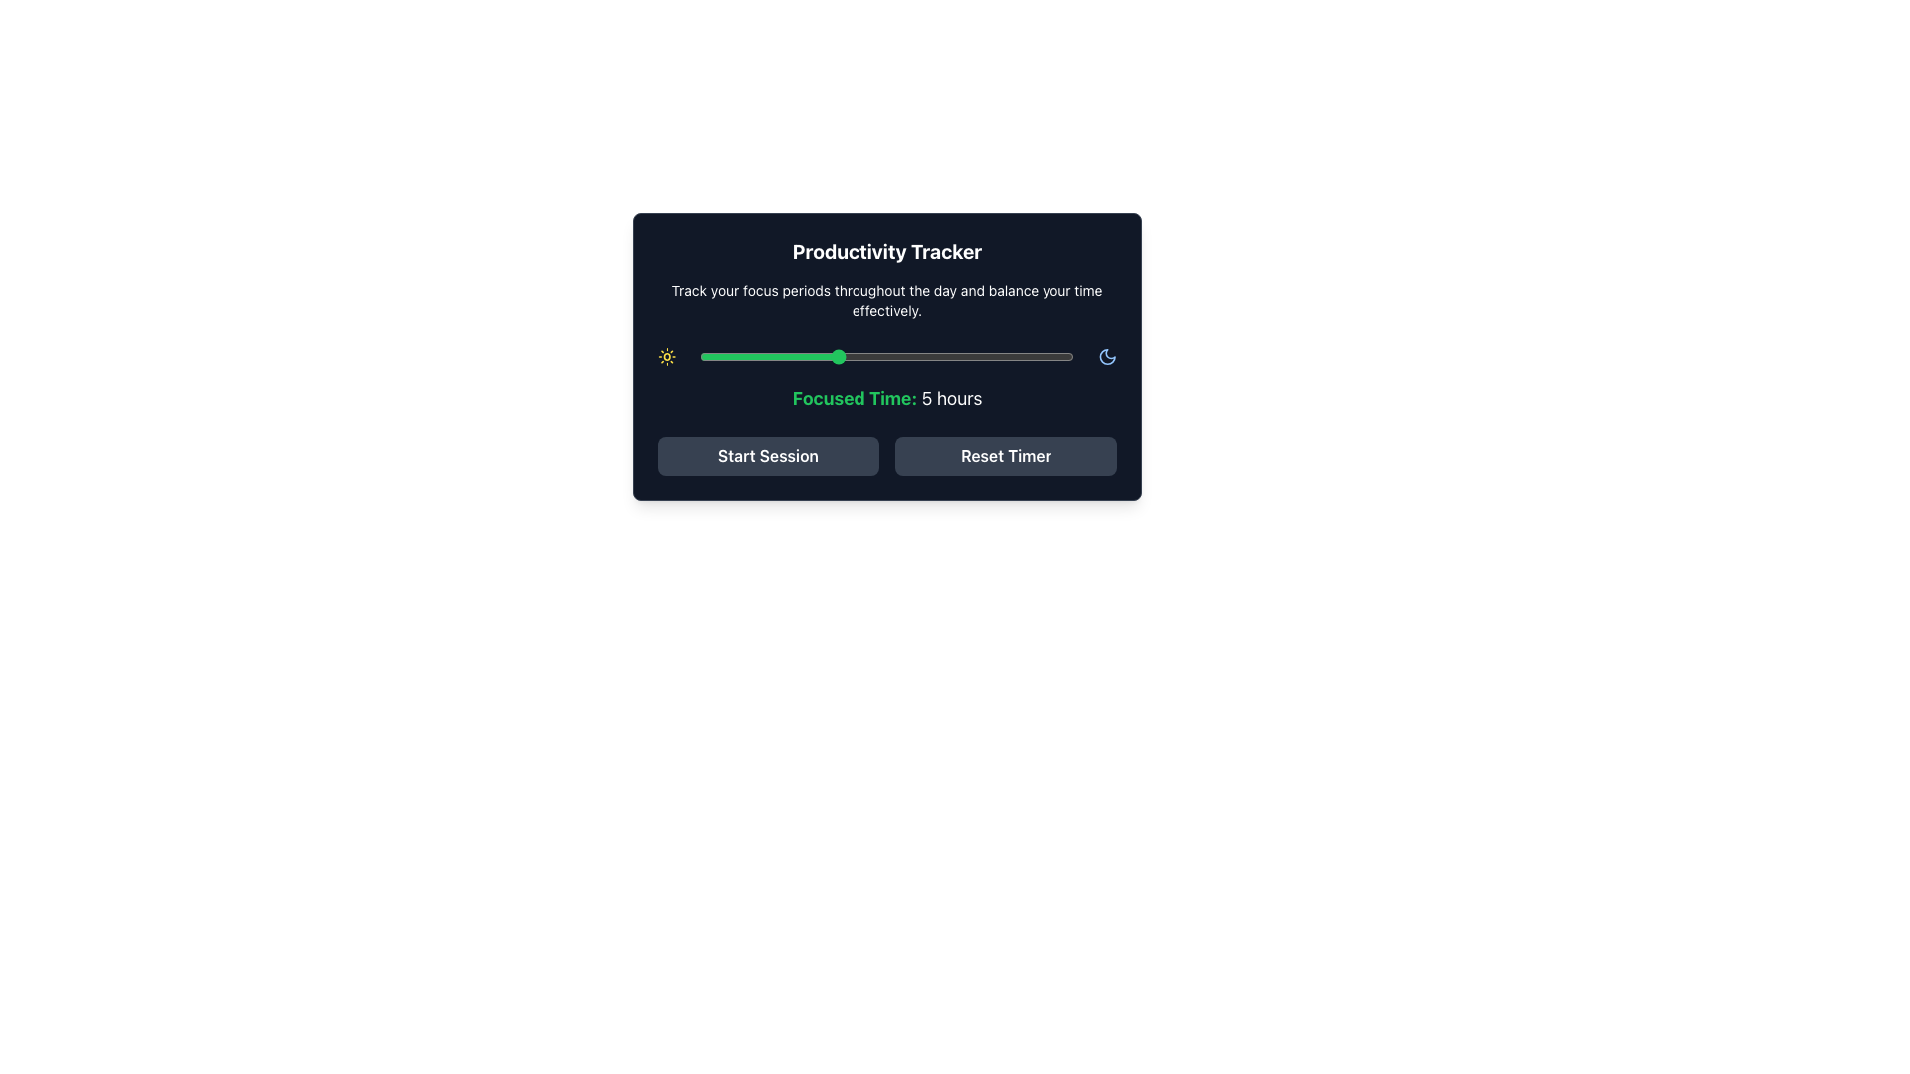 The image size is (1910, 1074). What do you see at coordinates (972, 355) in the screenshot?
I see `the focus duration` at bounding box center [972, 355].